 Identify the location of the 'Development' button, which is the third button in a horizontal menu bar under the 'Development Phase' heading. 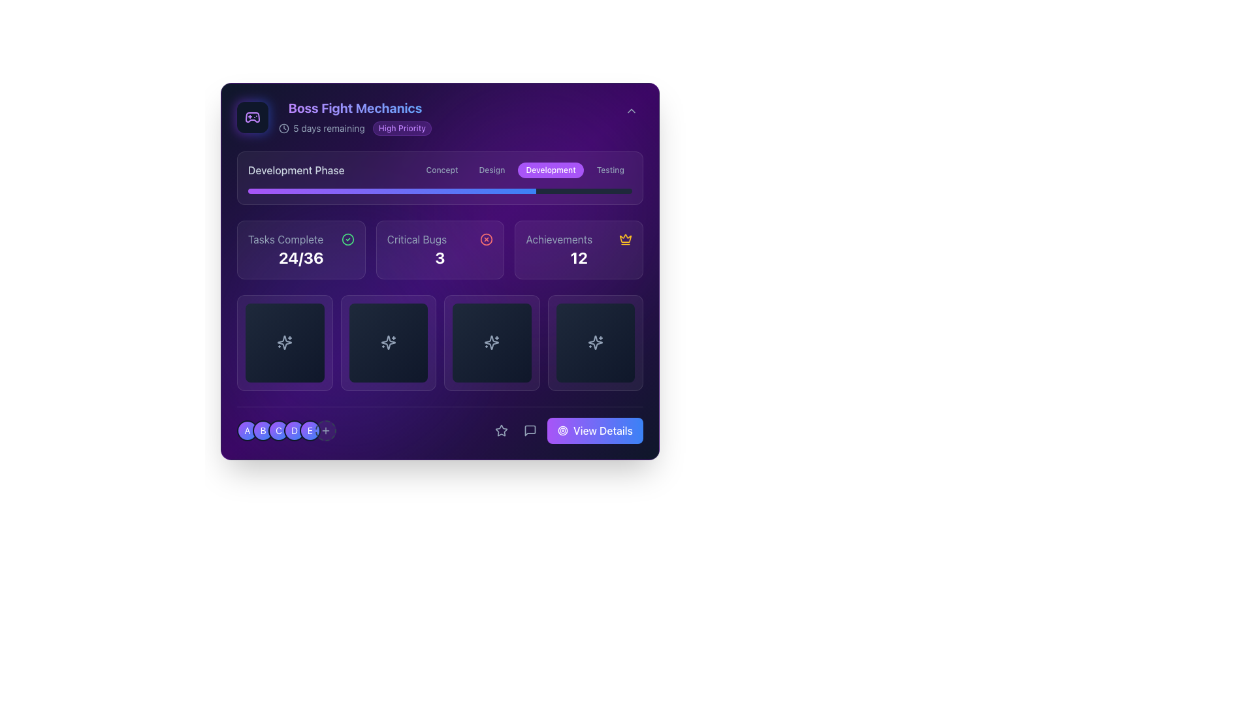
(525, 170).